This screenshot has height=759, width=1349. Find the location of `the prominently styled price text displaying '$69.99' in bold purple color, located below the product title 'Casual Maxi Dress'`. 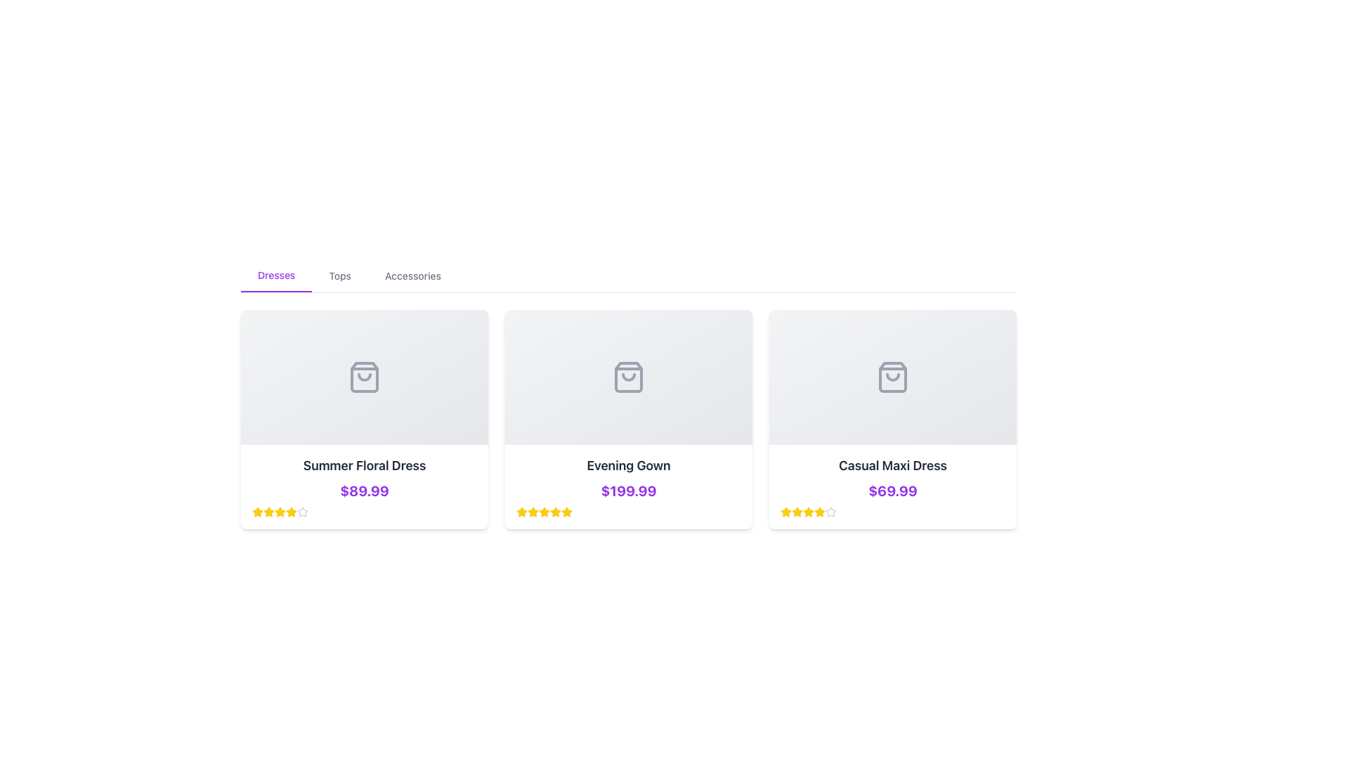

the prominently styled price text displaying '$69.99' in bold purple color, located below the product title 'Casual Maxi Dress' is located at coordinates (892, 490).